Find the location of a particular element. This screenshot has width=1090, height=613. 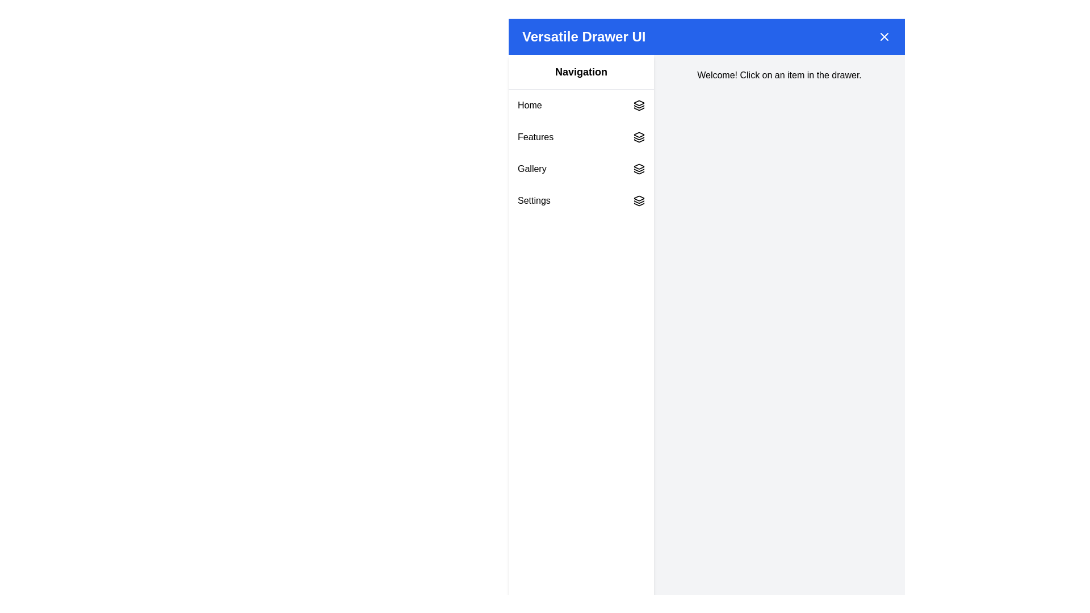

the second layer icon in the Gallery section of the navigation panel, which represents grouped features within the UI is located at coordinates (639, 170).